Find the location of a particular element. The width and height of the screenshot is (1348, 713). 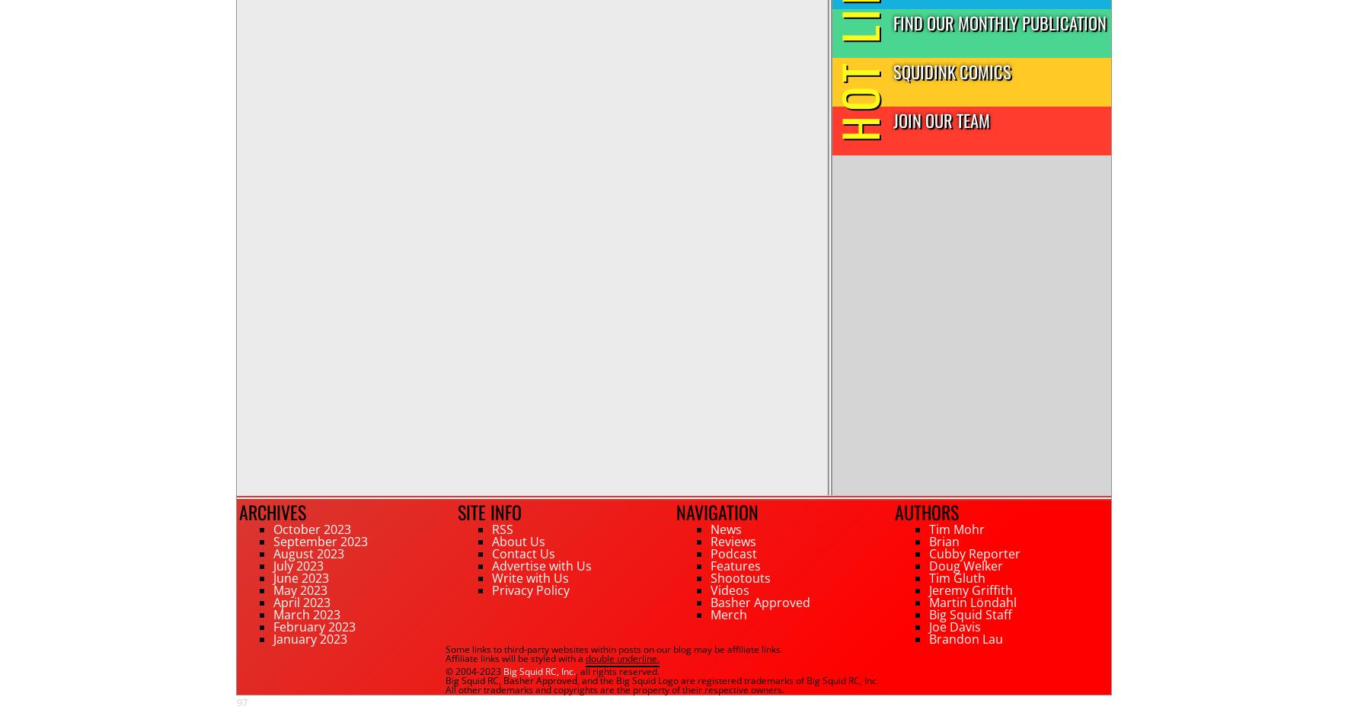

'Videos' is located at coordinates (729, 590).